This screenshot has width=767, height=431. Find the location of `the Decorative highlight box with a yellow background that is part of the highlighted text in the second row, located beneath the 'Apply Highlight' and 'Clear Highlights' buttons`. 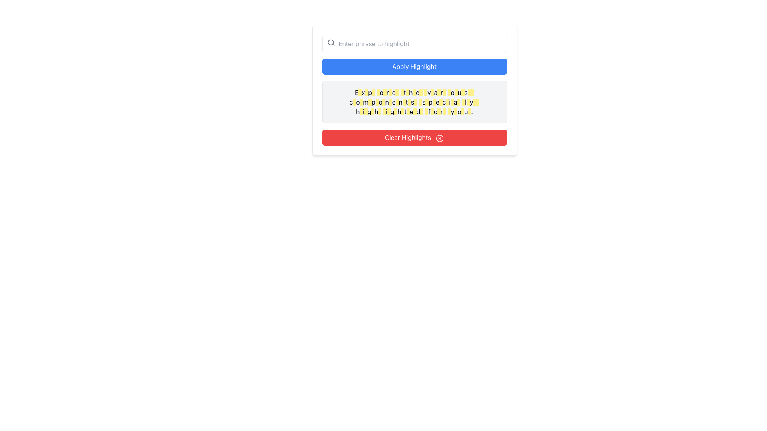

the Decorative highlight box with a yellow background that is part of the highlighted text in the second row, located beneath the 'Apply Highlight' and 'Clear Highlights' buttons is located at coordinates (354, 101).